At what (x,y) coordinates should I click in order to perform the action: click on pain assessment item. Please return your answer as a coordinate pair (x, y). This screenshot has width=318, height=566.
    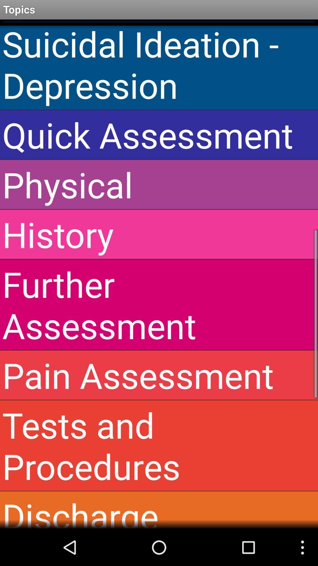
    Looking at the image, I should click on (159, 375).